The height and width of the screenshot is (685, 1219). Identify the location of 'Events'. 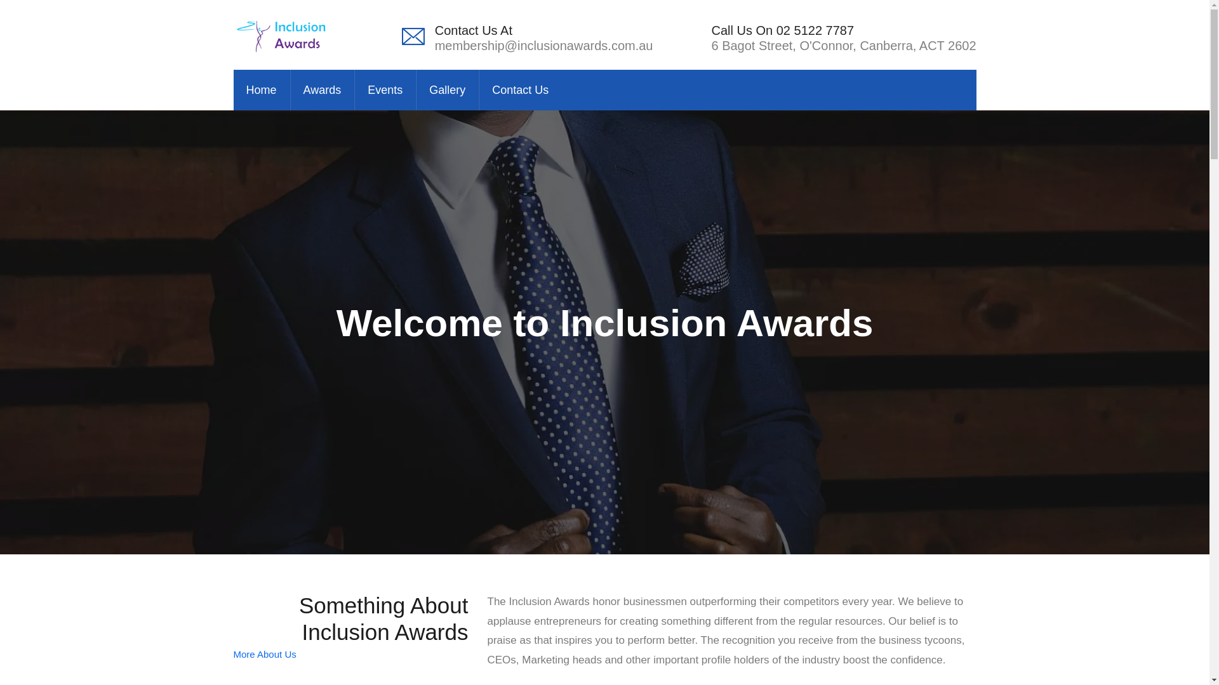
(384, 89).